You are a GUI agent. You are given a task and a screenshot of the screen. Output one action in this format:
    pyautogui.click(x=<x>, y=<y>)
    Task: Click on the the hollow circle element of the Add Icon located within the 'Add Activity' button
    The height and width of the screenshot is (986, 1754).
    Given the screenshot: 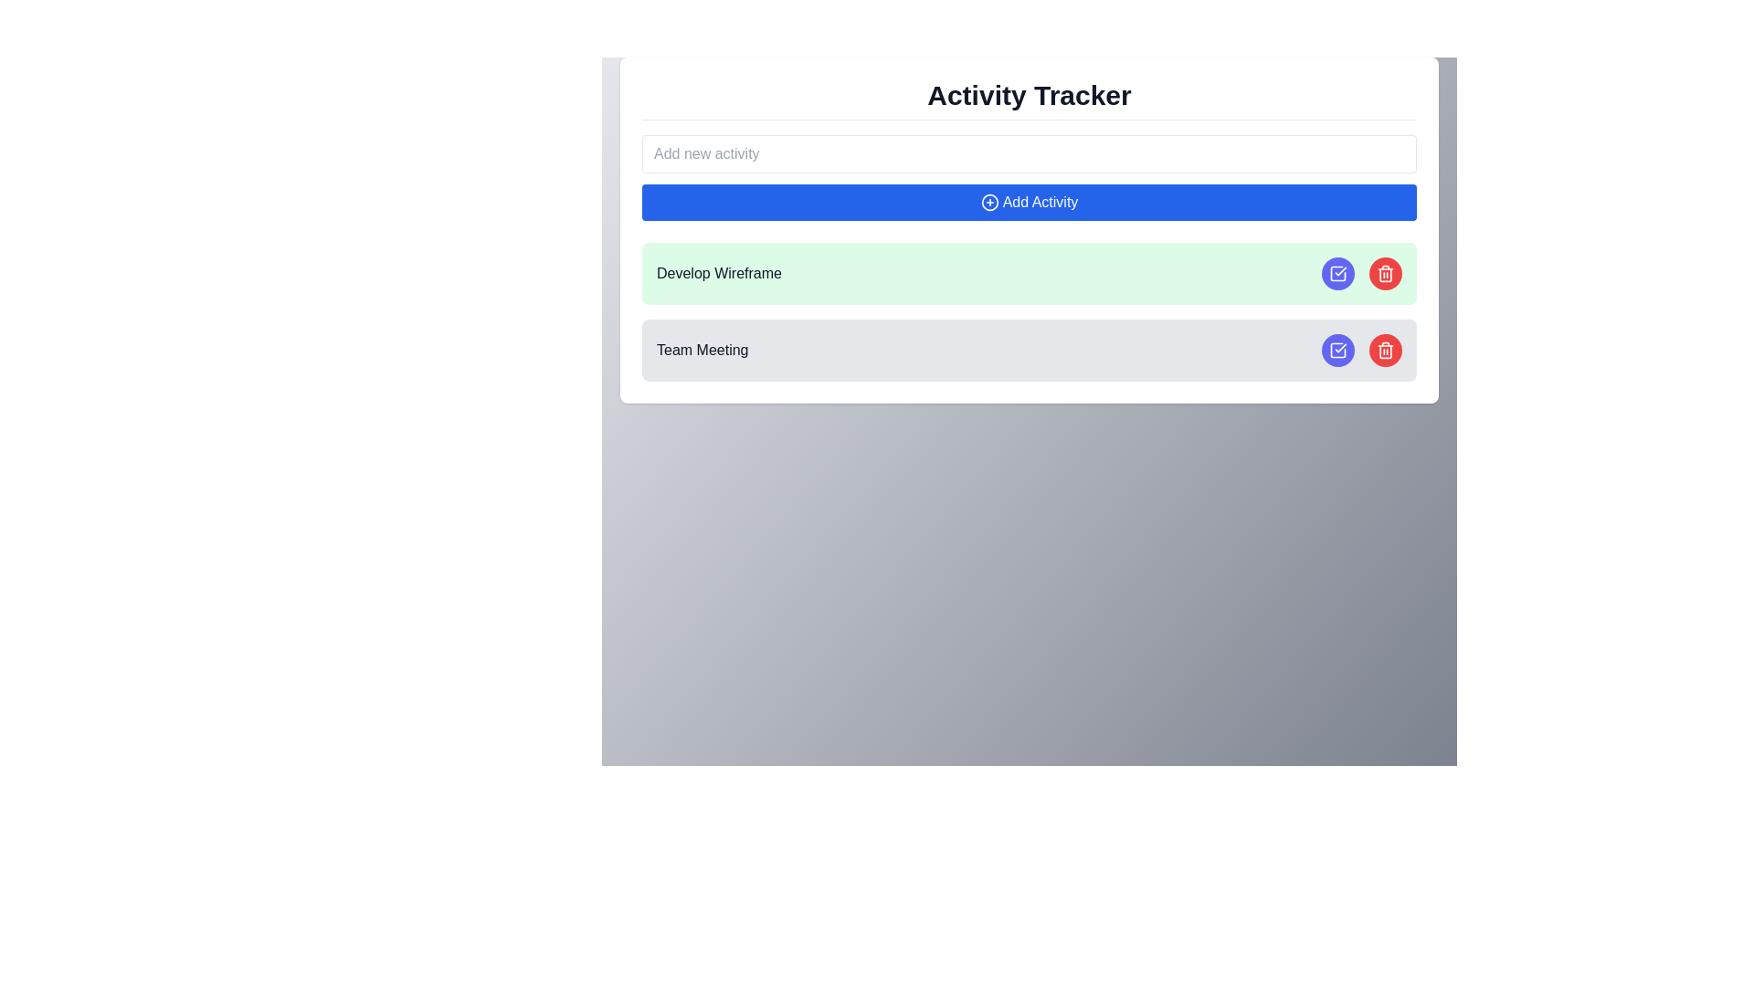 What is the action you would take?
    pyautogui.click(x=988, y=203)
    